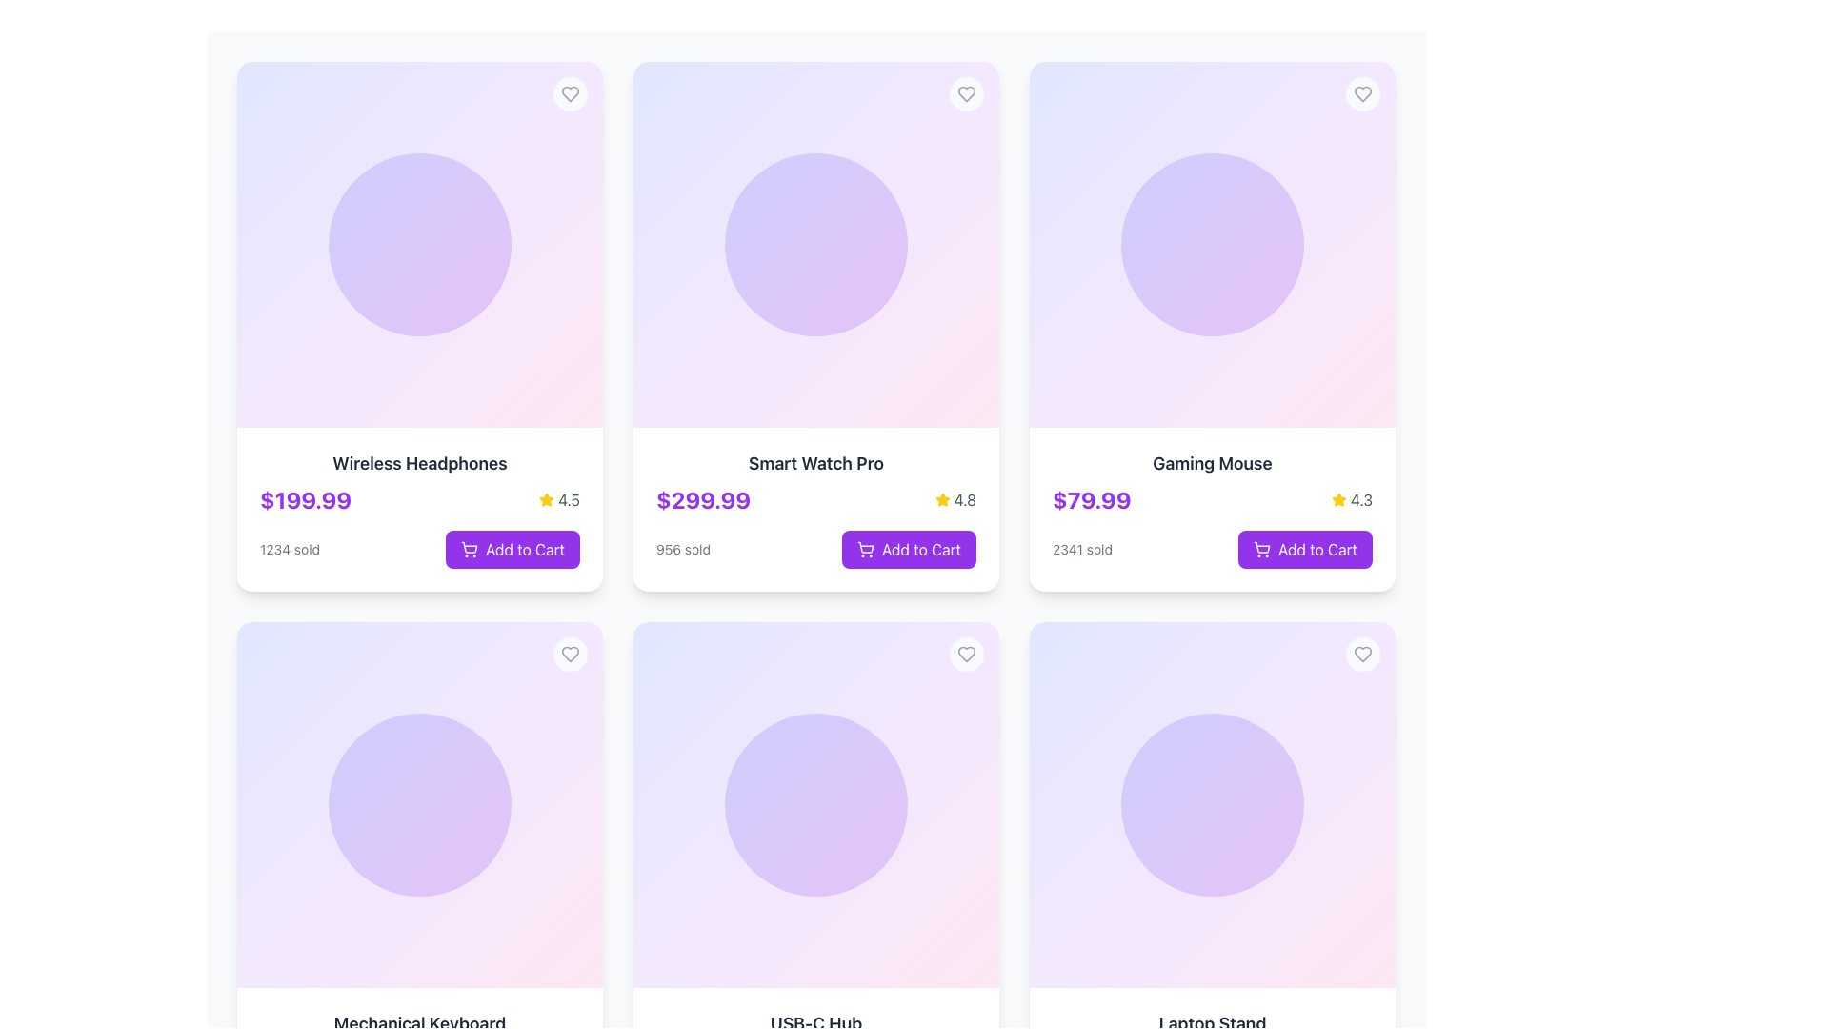 This screenshot has height=1029, width=1829. Describe the element at coordinates (1361, 94) in the screenshot. I see `the favorite button with an icon located at the top-right corner of the 'Gaming Mouse' product card` at that location.